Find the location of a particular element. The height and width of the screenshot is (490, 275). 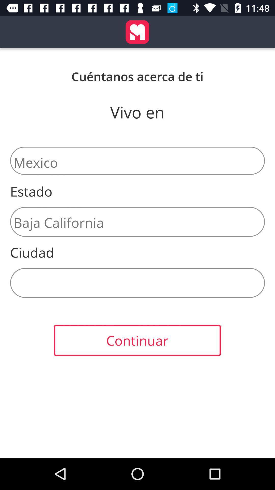

the icon above the estado icon is located at coordinates (137, 160).